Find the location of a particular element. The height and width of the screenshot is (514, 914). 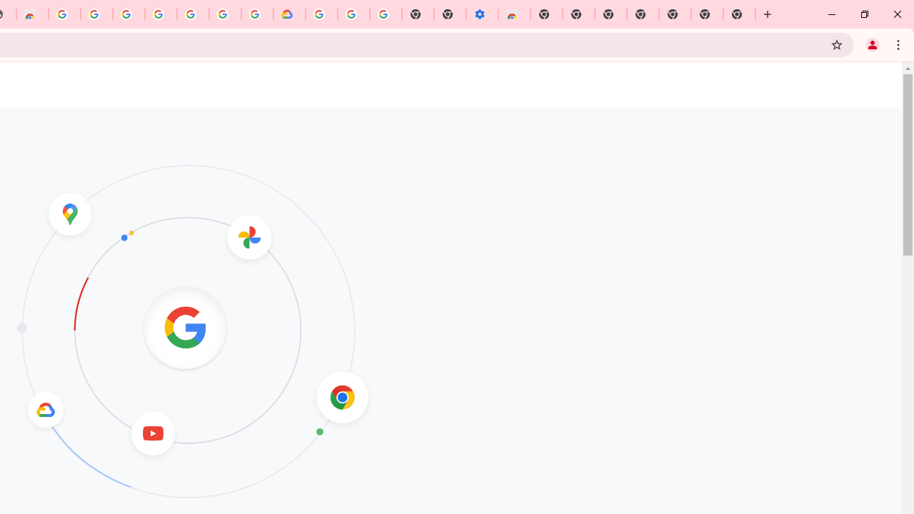

'Restore' is located at coordinates (863, 14).